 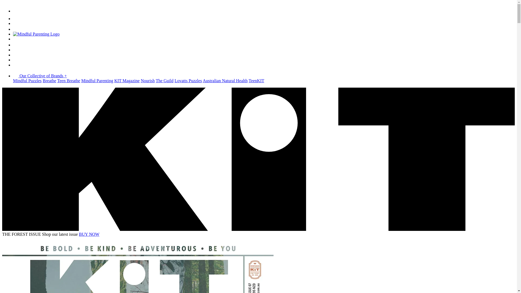 I want to click on 'Breathe', so click(x=49, y=81).